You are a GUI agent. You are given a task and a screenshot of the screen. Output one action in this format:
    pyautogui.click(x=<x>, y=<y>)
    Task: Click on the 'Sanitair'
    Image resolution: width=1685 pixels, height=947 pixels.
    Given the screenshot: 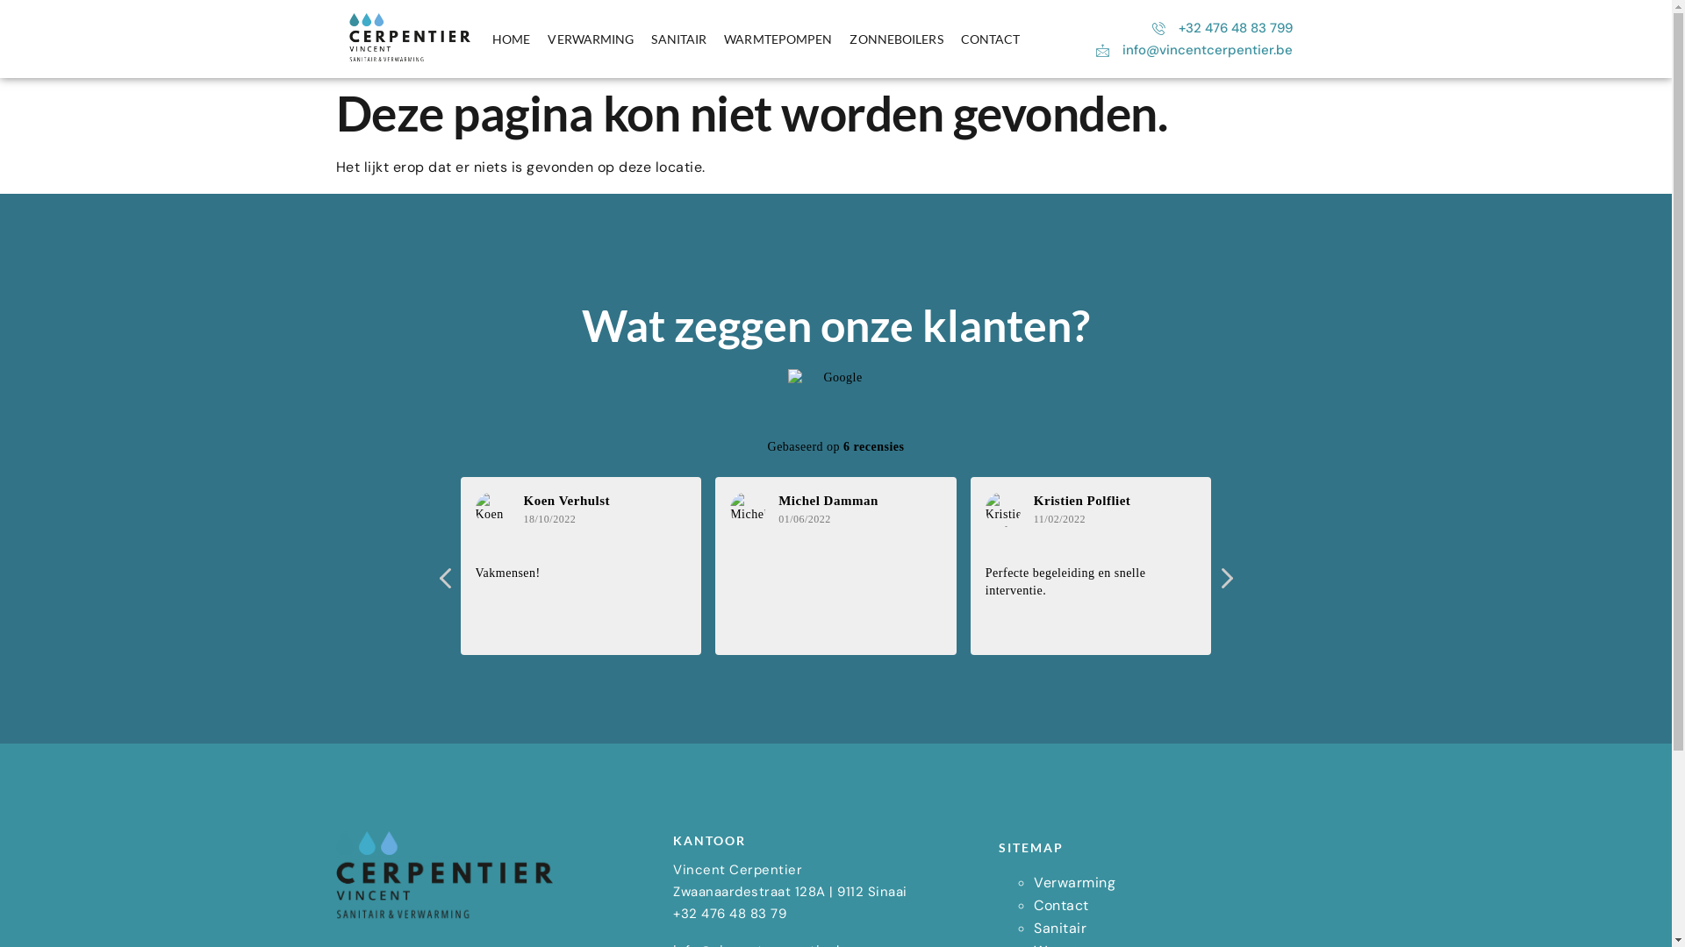 What is the action you would take?
    pyautogui.click(x=1033, y=927)
    